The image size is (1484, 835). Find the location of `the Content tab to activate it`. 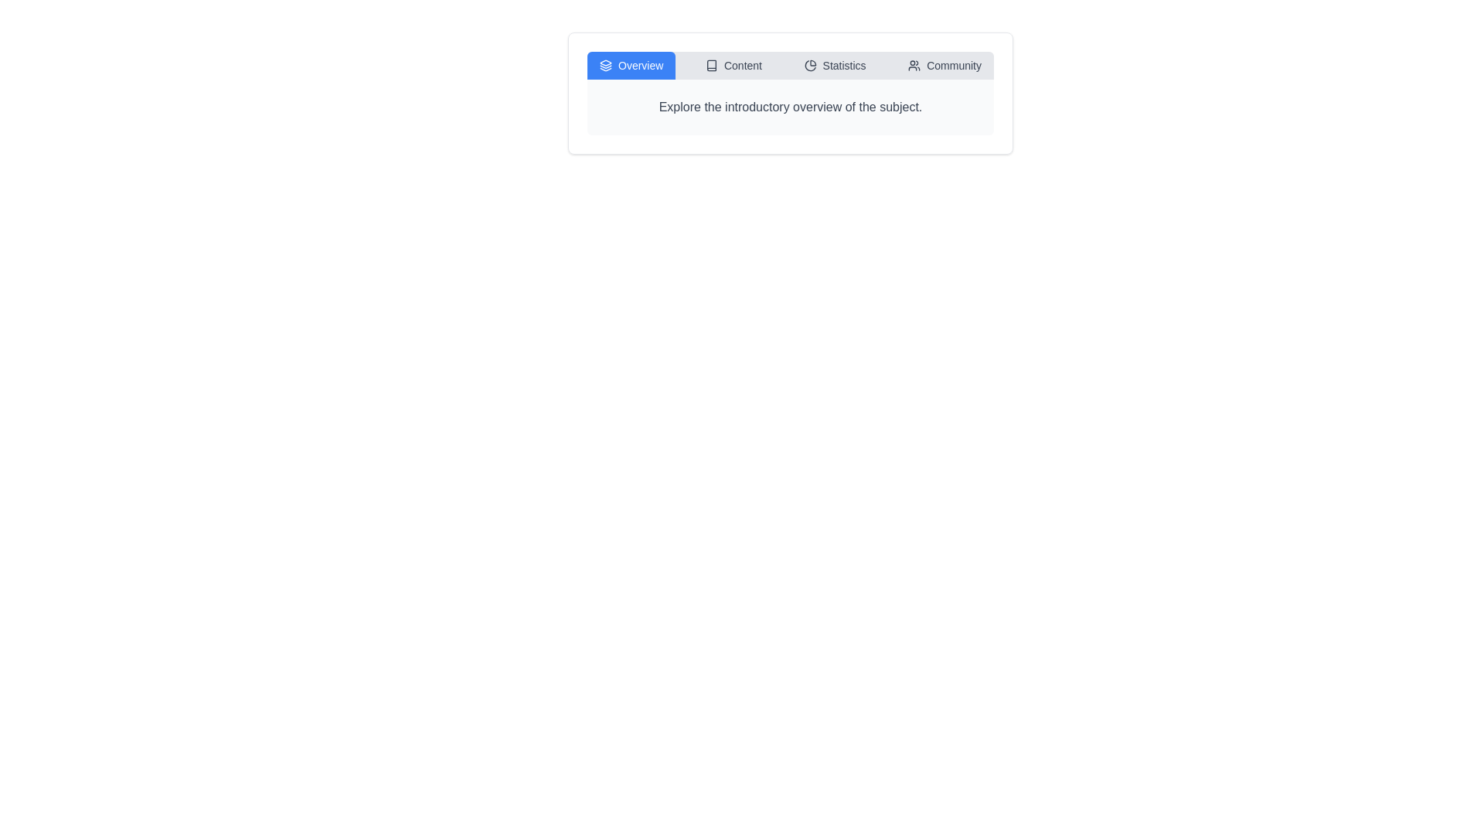

the Content tab to activate it is located at coordinates (733, 64).